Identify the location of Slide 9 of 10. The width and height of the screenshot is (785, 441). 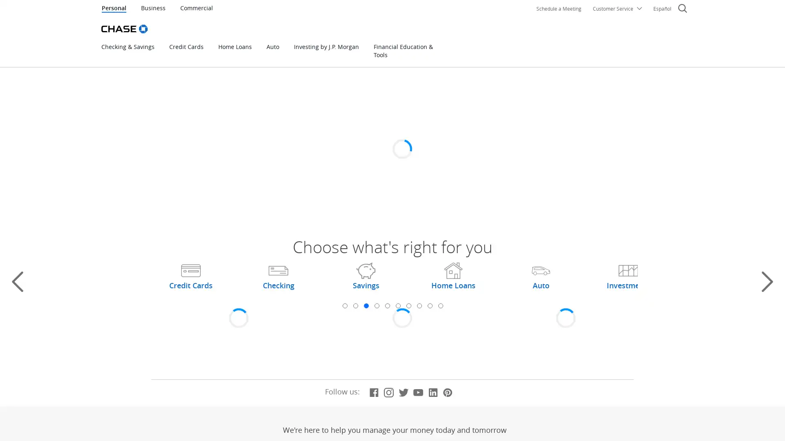
(429, 305).